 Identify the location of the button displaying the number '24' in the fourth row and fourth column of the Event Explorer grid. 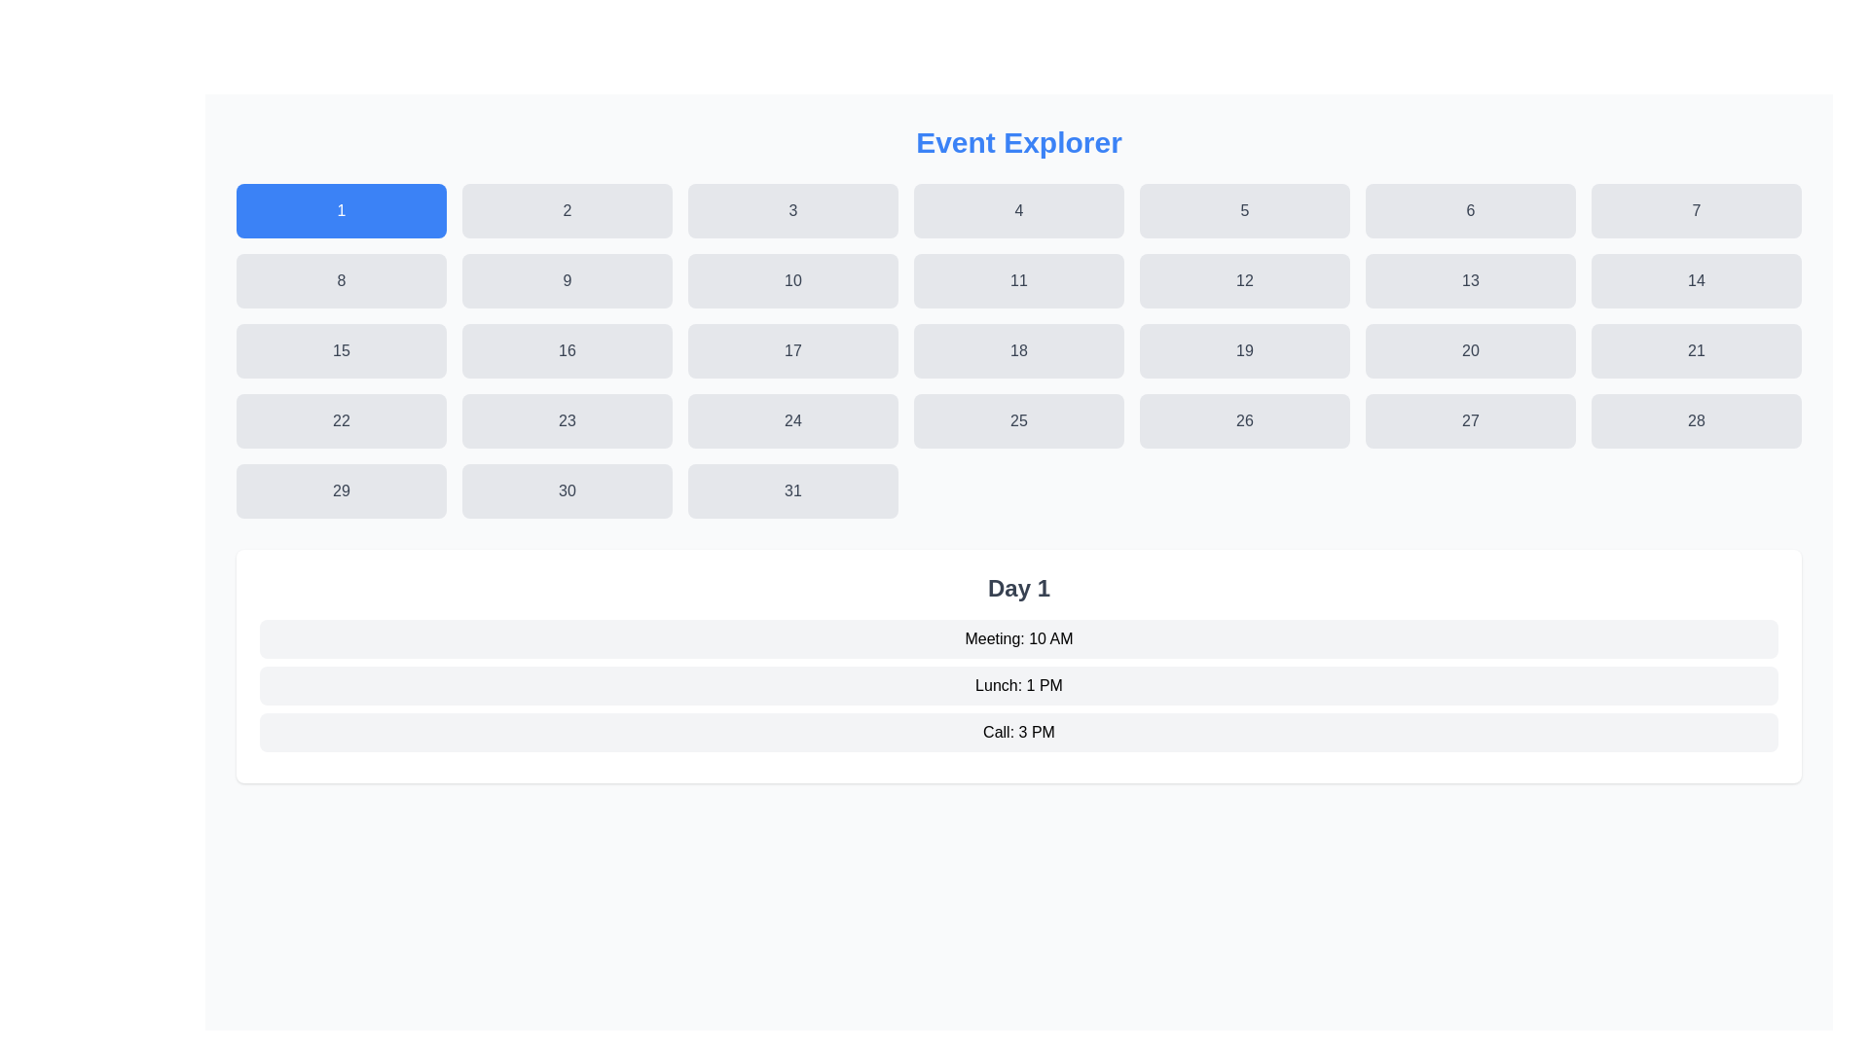
(793, 419).